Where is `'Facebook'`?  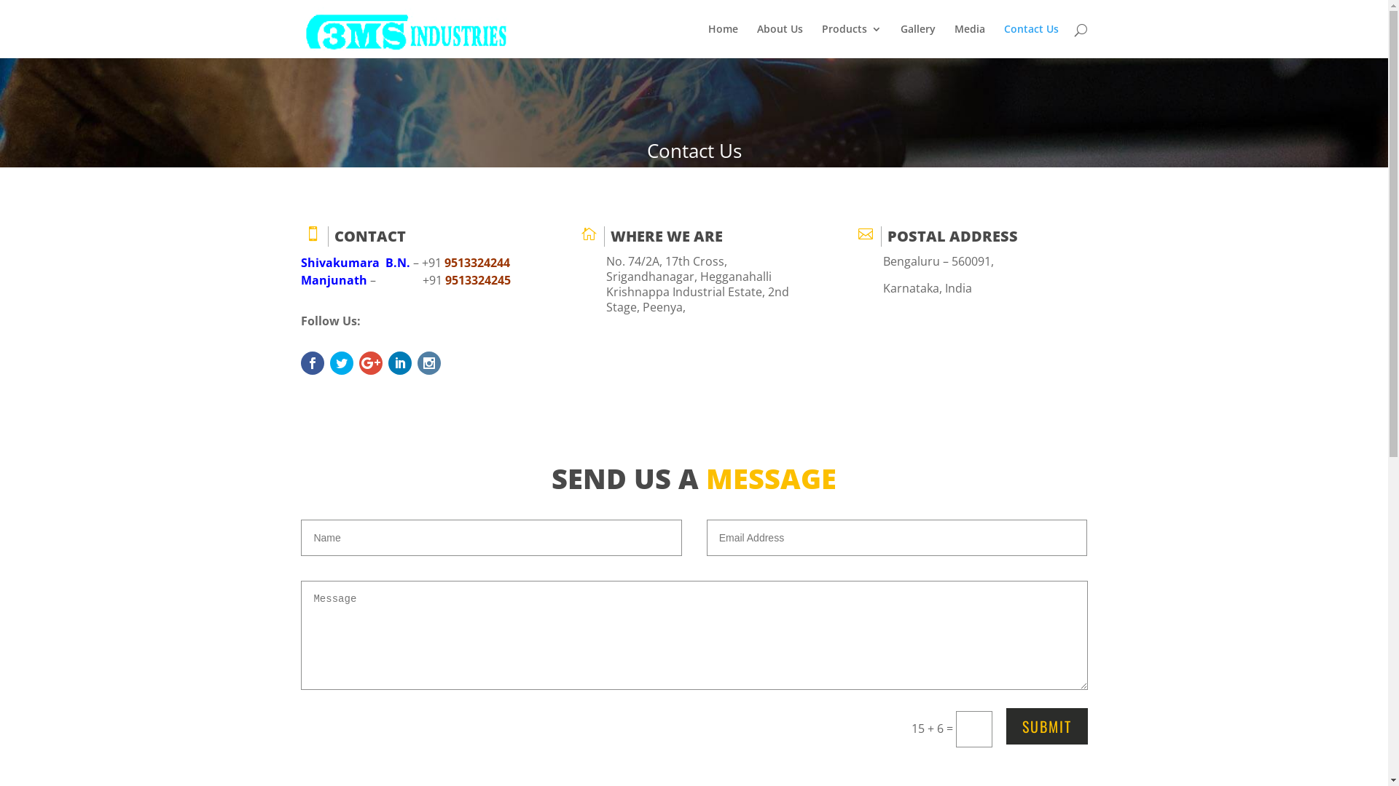
'Facebook' is located at coordinates (299, 362).